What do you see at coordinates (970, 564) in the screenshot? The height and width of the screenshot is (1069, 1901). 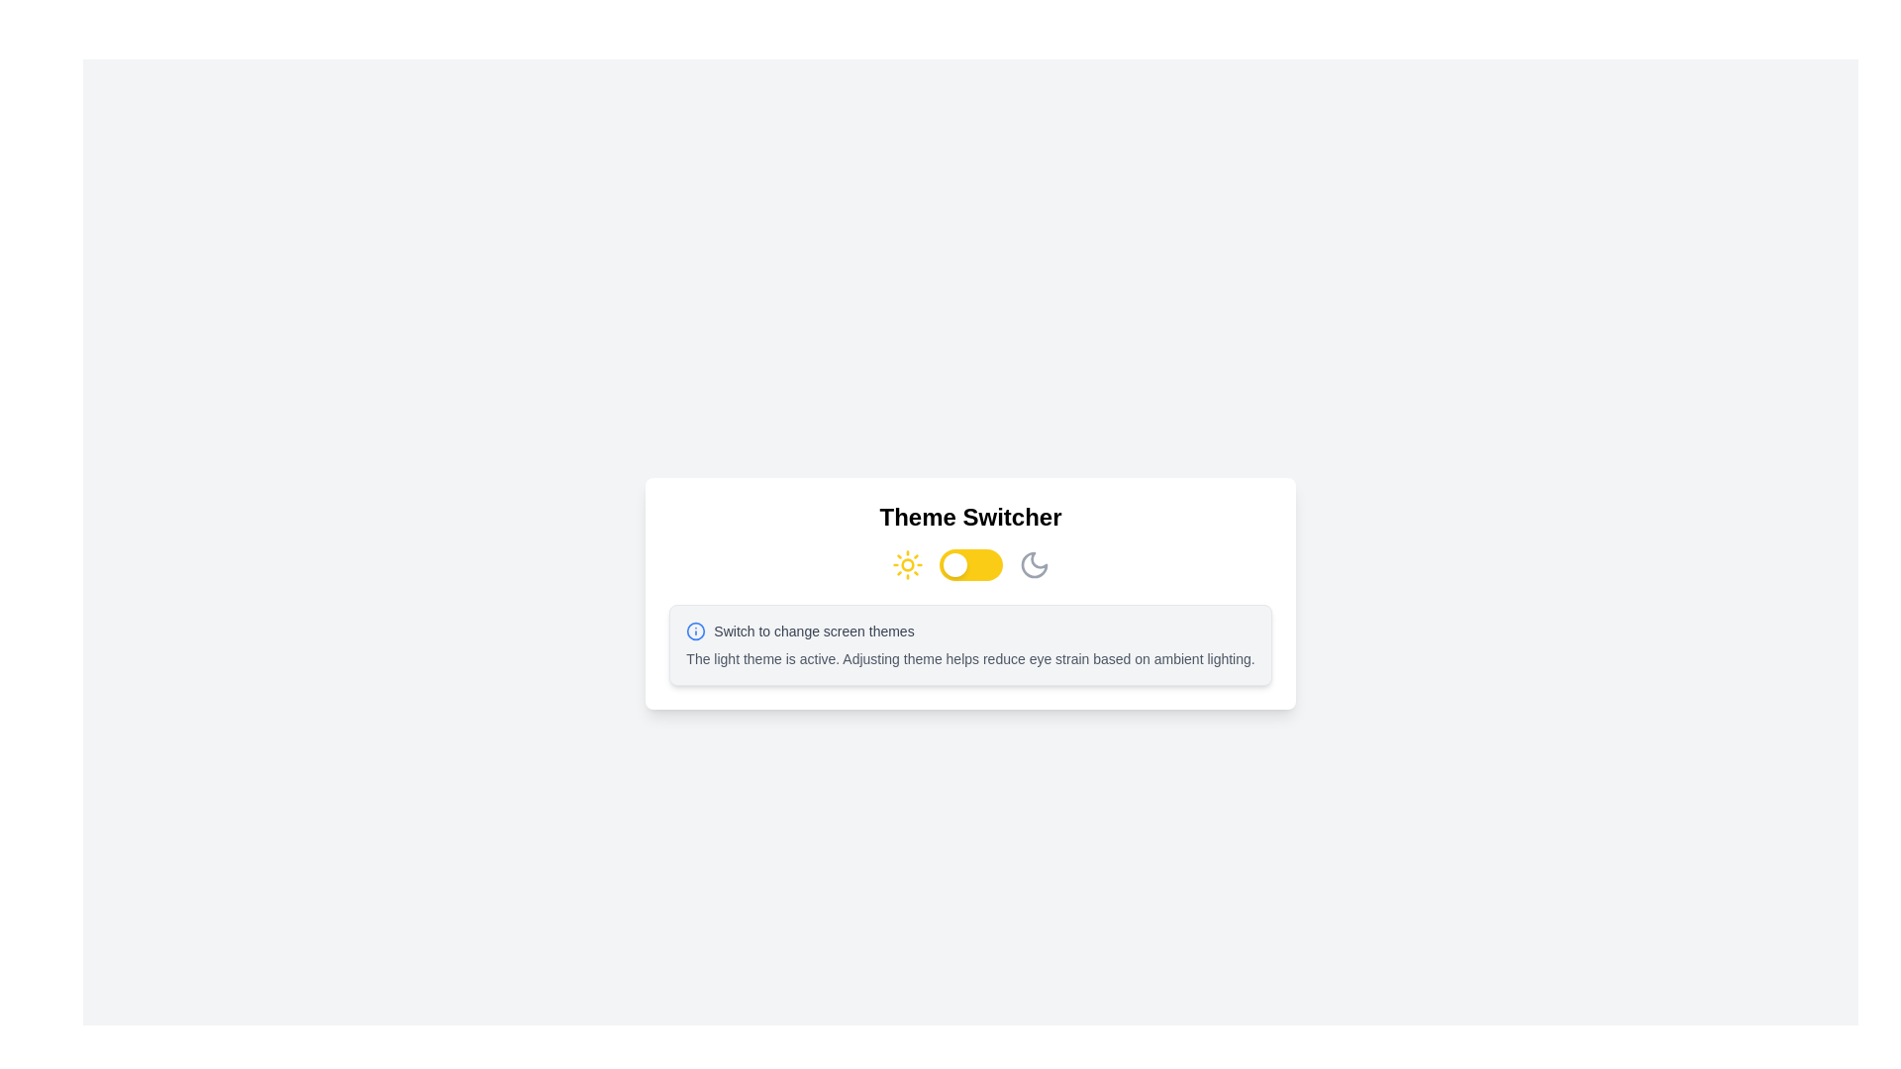 I see `the yellow toggle switch` at bounding box center [970, 564].